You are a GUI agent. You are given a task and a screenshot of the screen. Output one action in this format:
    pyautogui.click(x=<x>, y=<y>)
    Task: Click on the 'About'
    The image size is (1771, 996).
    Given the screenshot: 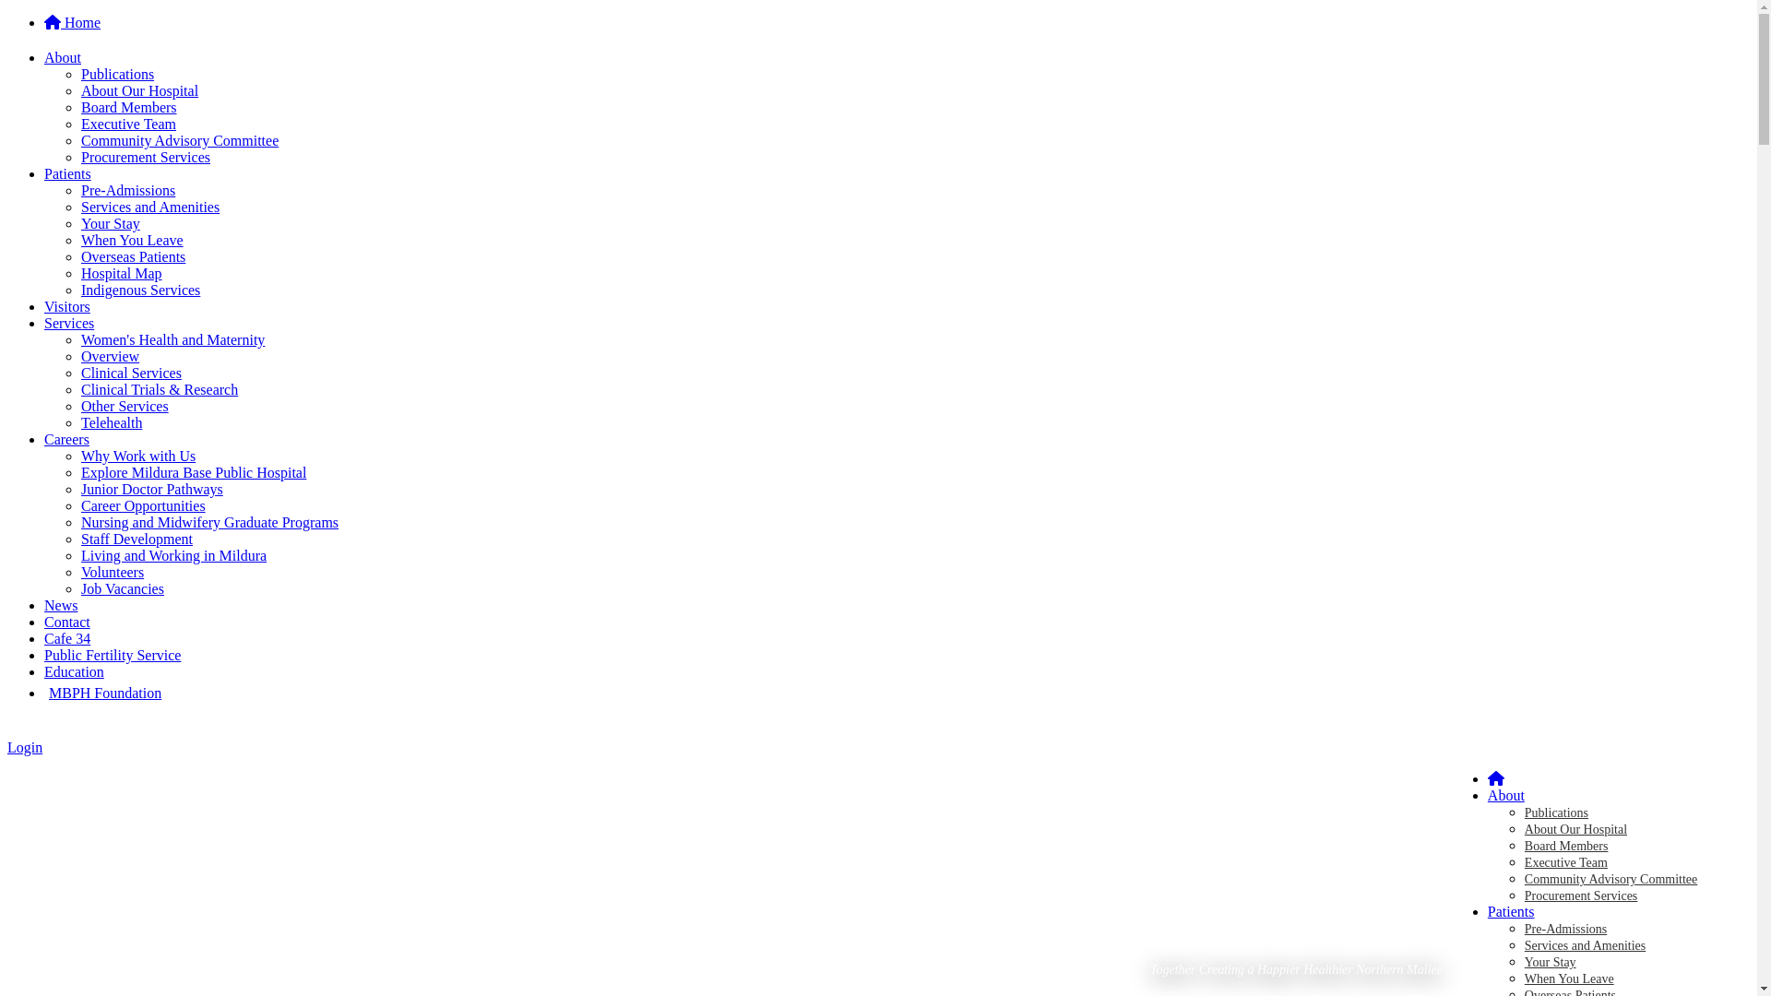 What is the action you would take?
    pyautogui.click(x=62, y=56)
    